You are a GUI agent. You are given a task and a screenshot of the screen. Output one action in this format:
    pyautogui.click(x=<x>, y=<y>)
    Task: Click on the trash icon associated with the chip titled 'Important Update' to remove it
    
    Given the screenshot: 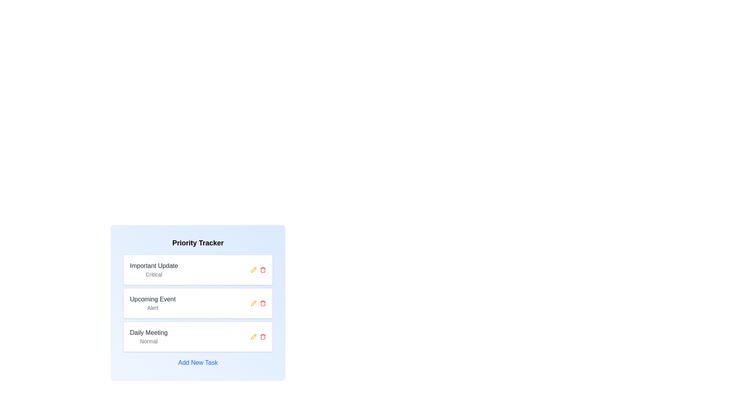 What is the action you would take?
    pyautogui.click(x=263, y=269)
    